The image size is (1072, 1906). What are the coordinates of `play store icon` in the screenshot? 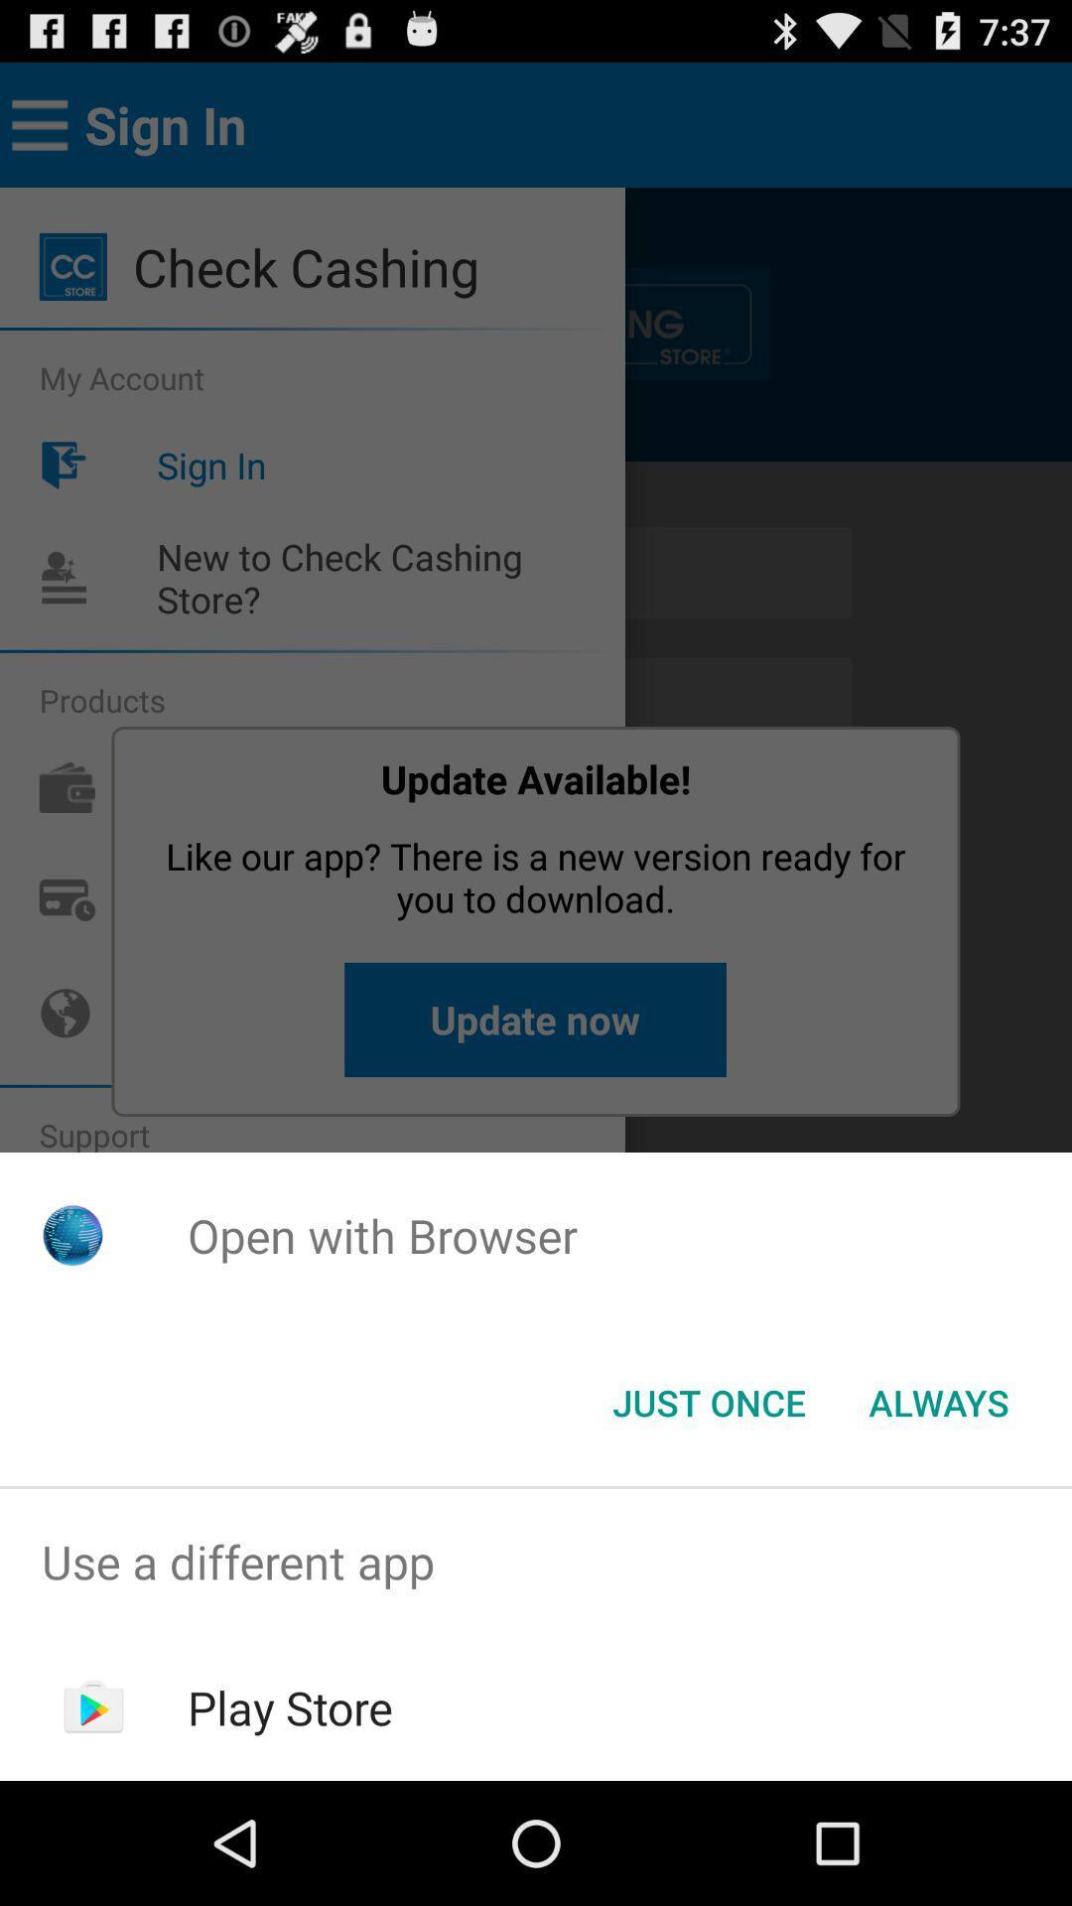 It's located at (290, 1706).